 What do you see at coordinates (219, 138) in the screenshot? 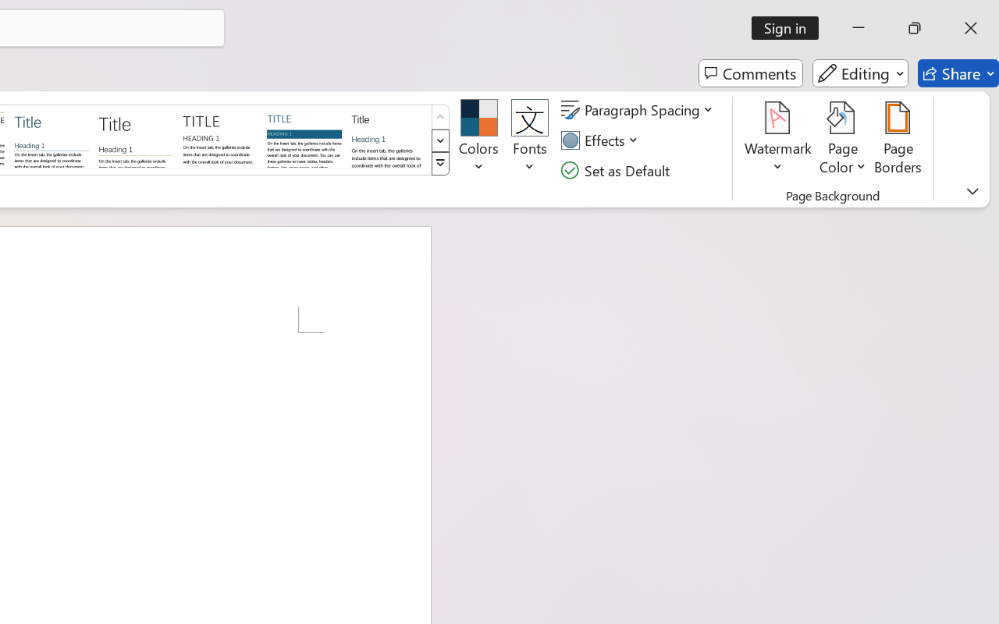
I see `'Minimalist'` at bounding box center [219, 138].